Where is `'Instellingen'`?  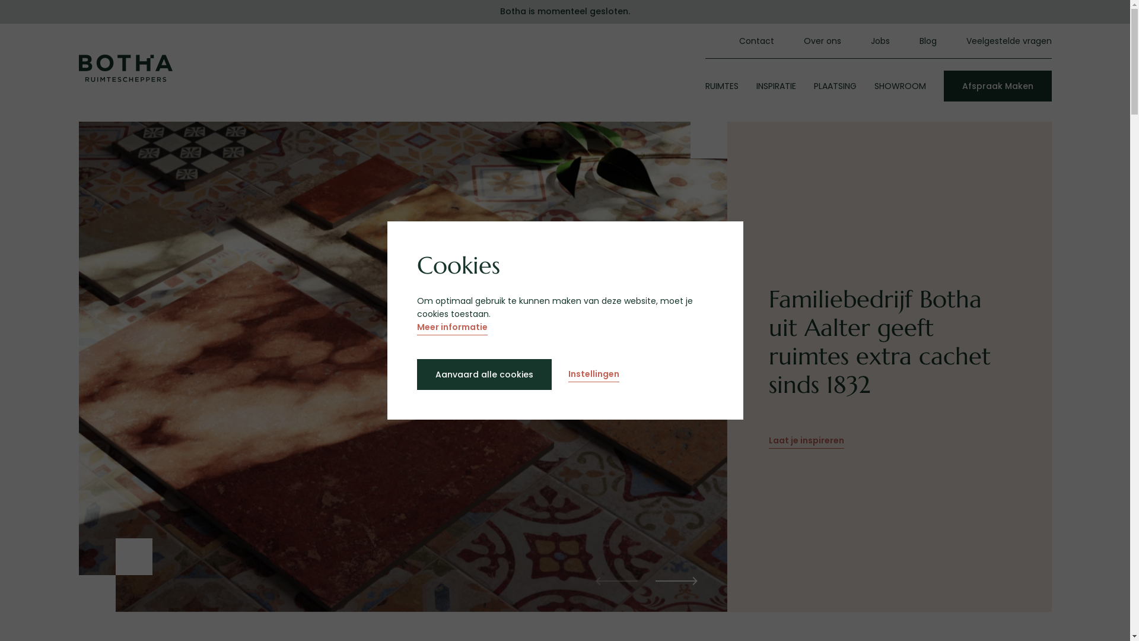
'Instellingen' is located at coordinates (568, 375).